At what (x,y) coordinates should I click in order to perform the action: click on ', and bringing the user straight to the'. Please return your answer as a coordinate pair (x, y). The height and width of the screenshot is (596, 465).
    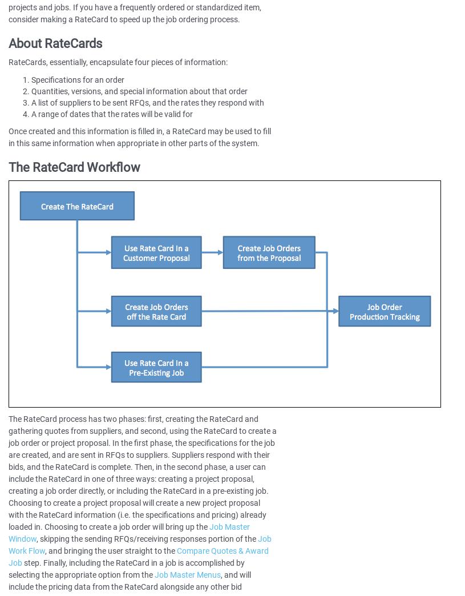
    Looking at the image, I should click on (111, 550).